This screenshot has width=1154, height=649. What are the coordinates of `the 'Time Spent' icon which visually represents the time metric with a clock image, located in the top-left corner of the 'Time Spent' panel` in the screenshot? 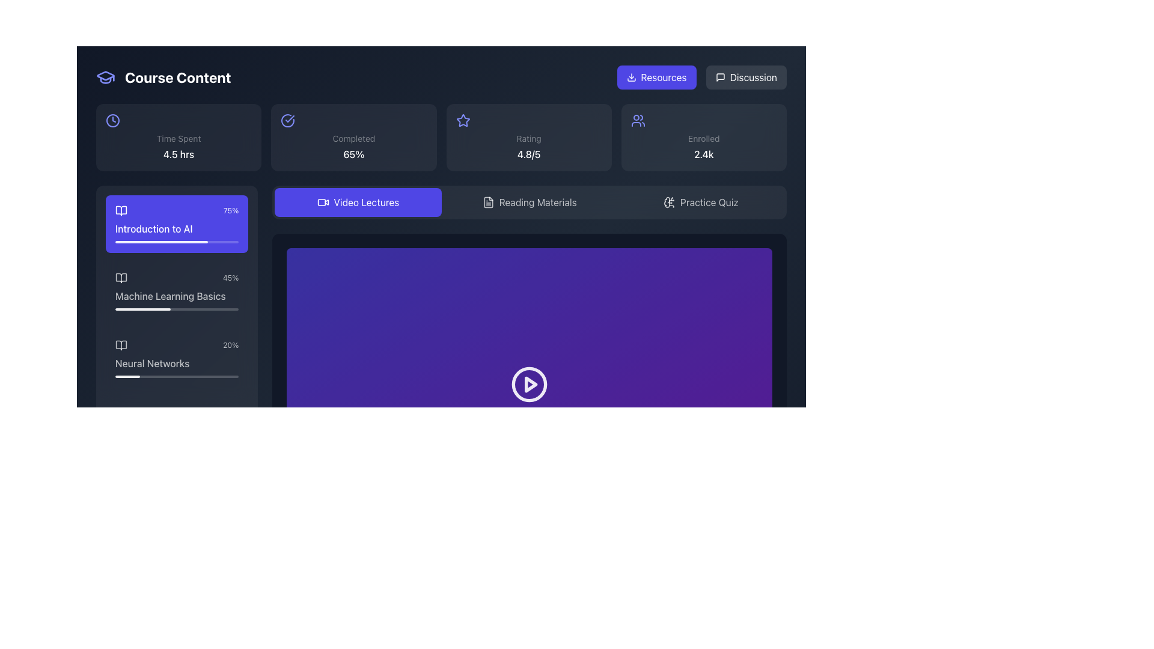 It's located at (112, 120).